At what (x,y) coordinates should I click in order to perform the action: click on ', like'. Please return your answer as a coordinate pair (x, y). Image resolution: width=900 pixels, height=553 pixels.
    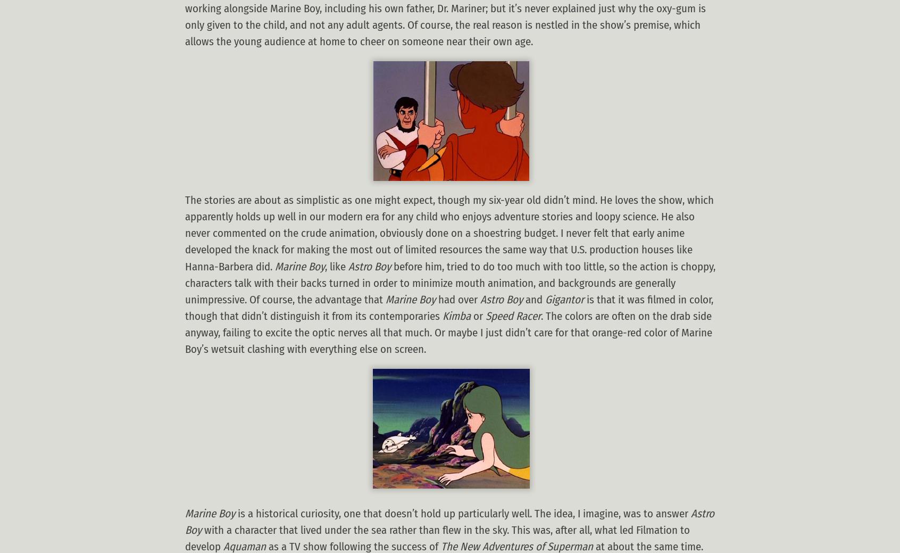
    Looking at the image, I should click on (336, 266).